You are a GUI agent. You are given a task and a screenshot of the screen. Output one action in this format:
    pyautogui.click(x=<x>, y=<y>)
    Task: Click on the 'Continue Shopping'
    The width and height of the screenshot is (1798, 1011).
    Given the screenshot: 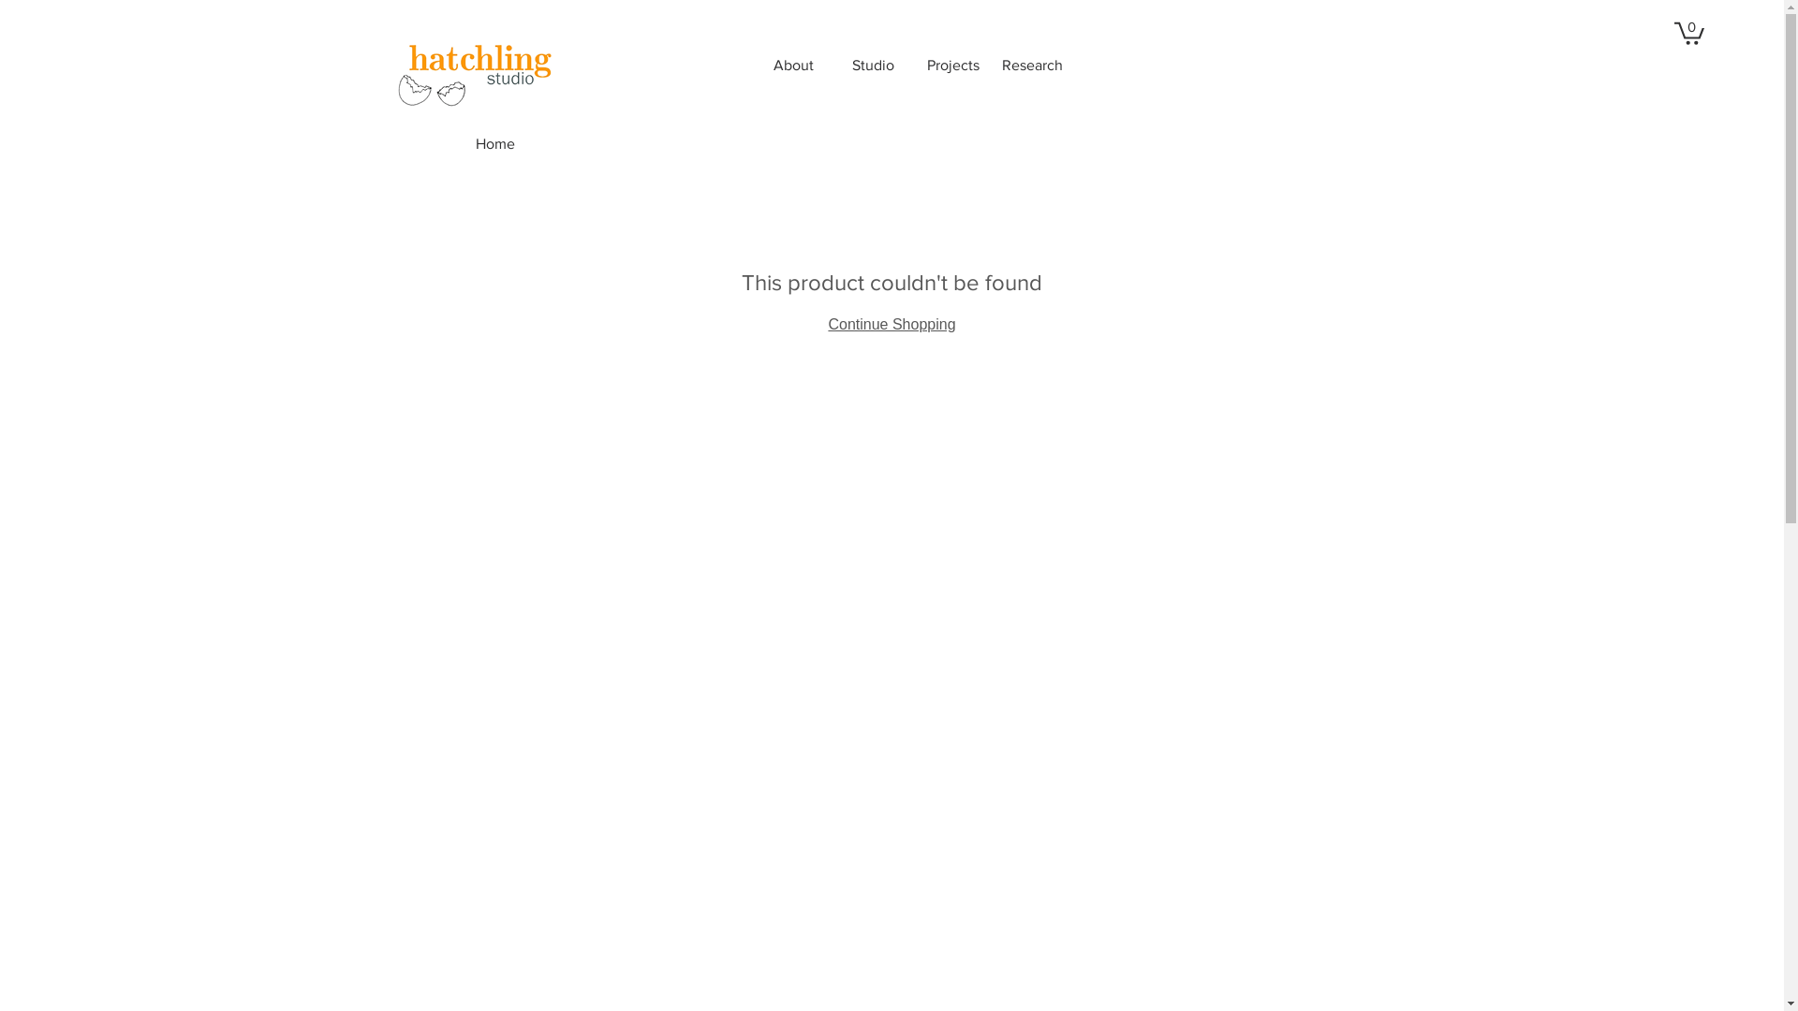 What is the action you would take?
    pyautogui.click(x=890, y=323)
    